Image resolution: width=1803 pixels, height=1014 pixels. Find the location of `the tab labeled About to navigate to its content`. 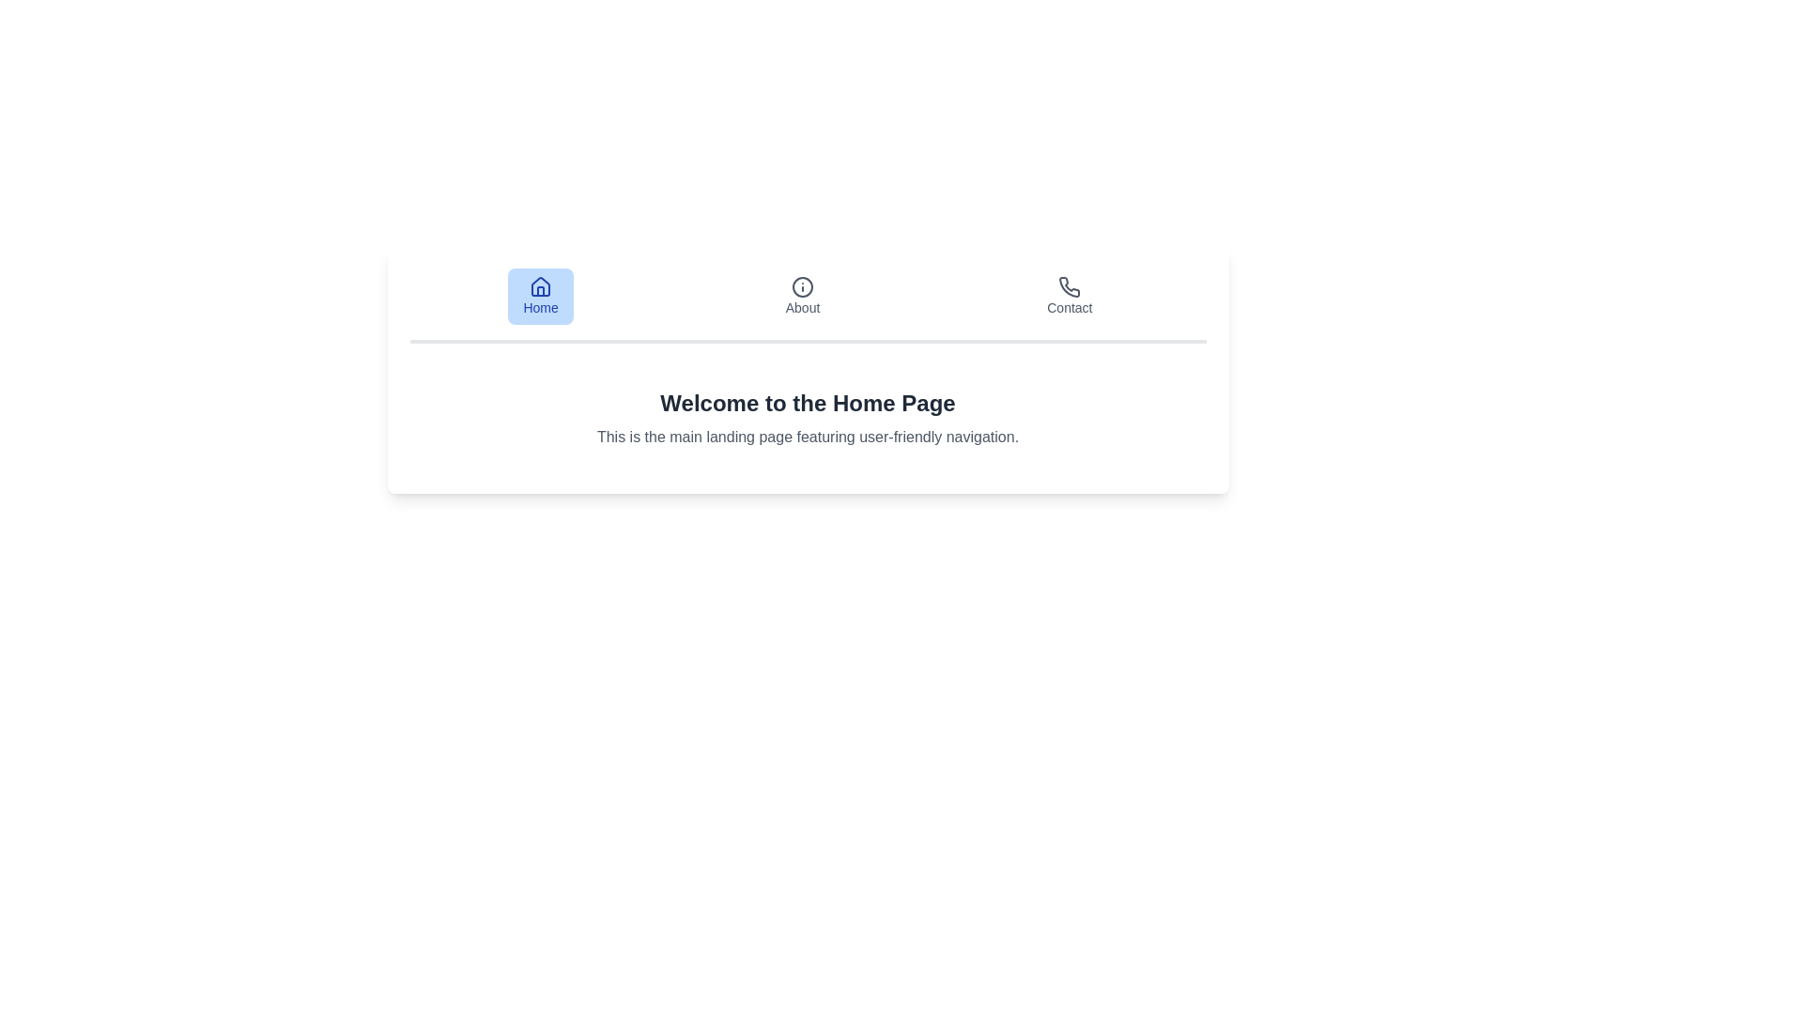

the tab labeled About to navigate to its content is located at coordinates (802, 296).